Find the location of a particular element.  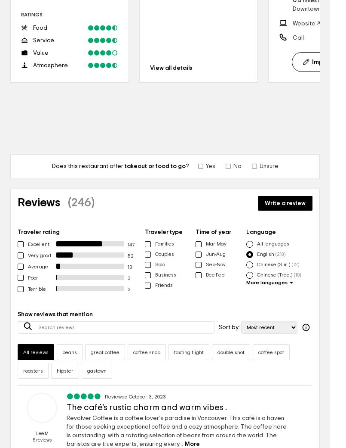

'147' is located at coordinates (130, 244).